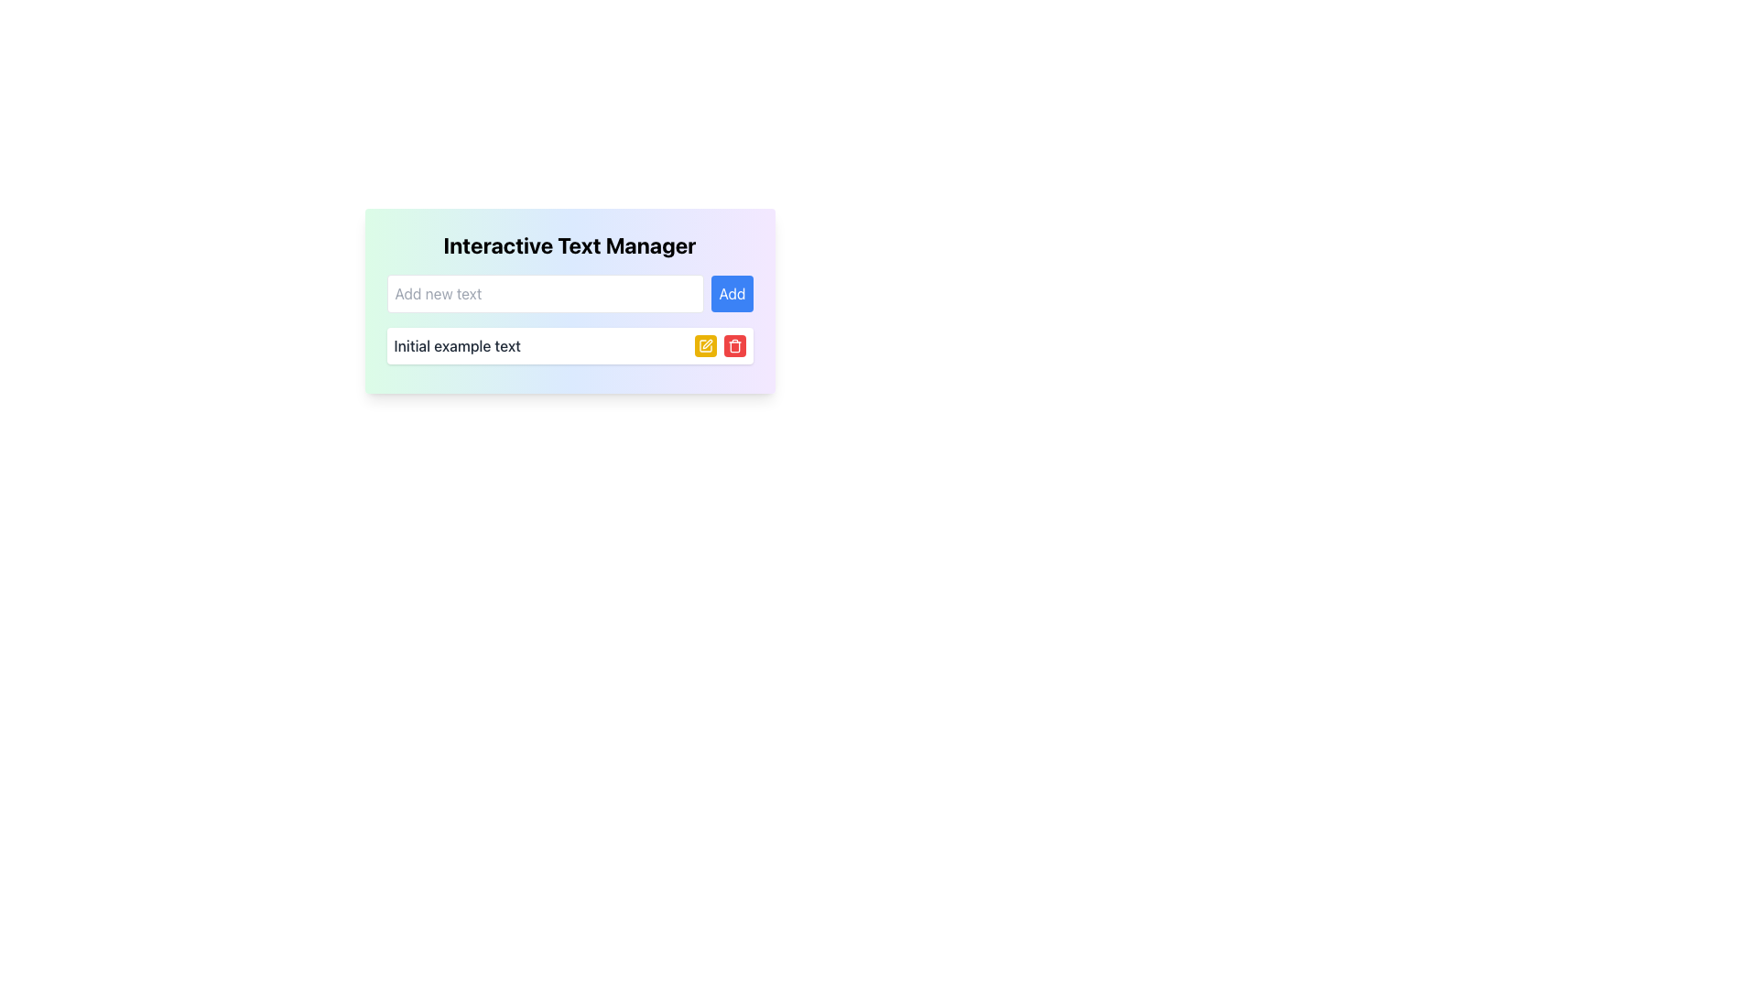 This screenshot has height=989, width=1758. I want to click on the square pen icon located inside a yellow button, which is to the left of the red trash icon button, in the same row as the text 'Initial example text', so click(704, 346).